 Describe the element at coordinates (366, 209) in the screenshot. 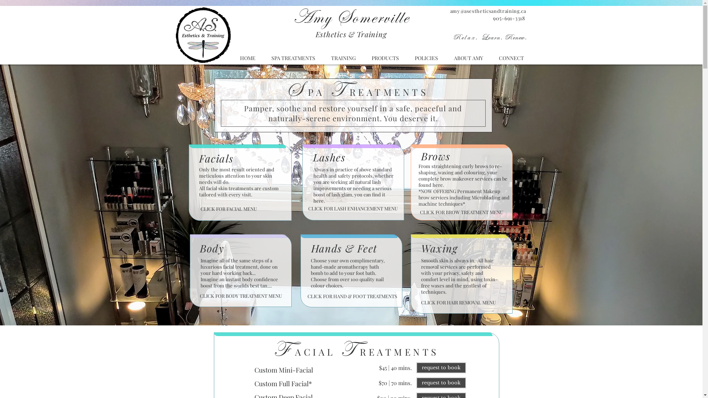

I see `'LASH ENHANCEMENT MENU'` at that location.